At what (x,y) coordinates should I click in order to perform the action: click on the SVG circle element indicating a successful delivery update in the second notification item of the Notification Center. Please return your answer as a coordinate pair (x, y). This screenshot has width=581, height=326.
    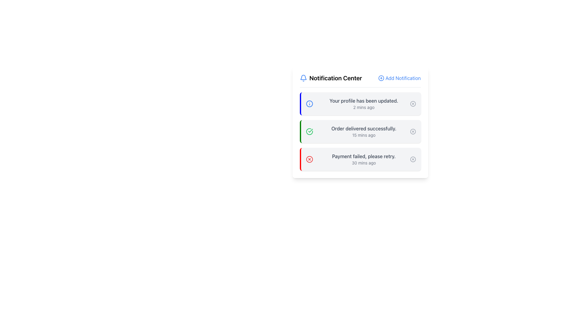
    Looking at the image, I should click on (412, 131).